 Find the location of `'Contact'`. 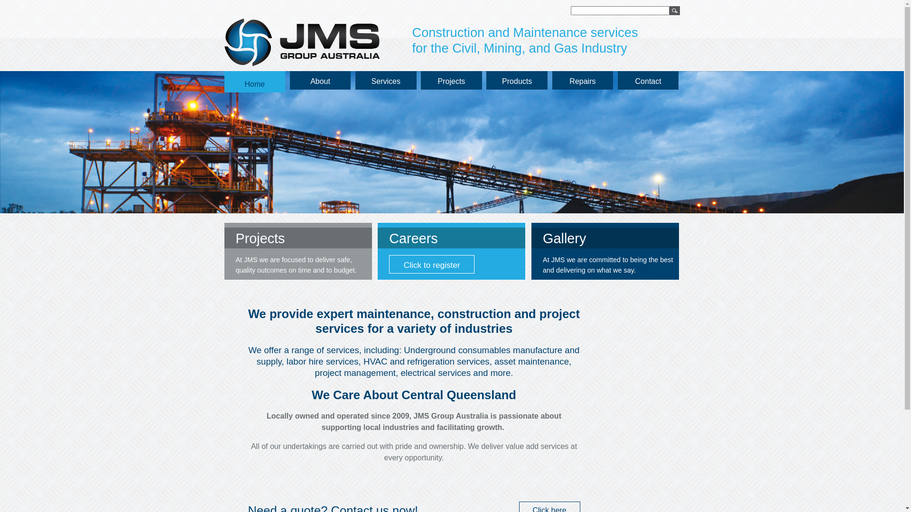

'Contact' is located at coordinates (648, 80).